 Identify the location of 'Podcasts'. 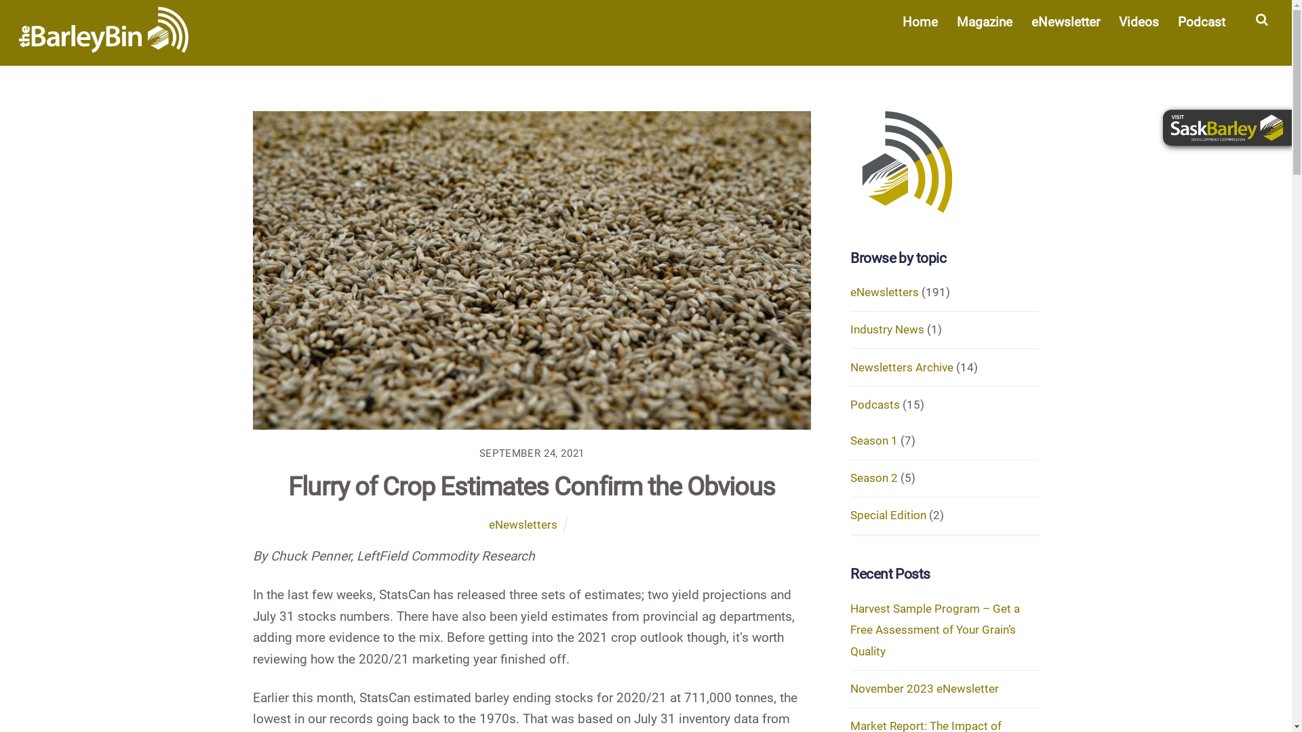
(849, 404).